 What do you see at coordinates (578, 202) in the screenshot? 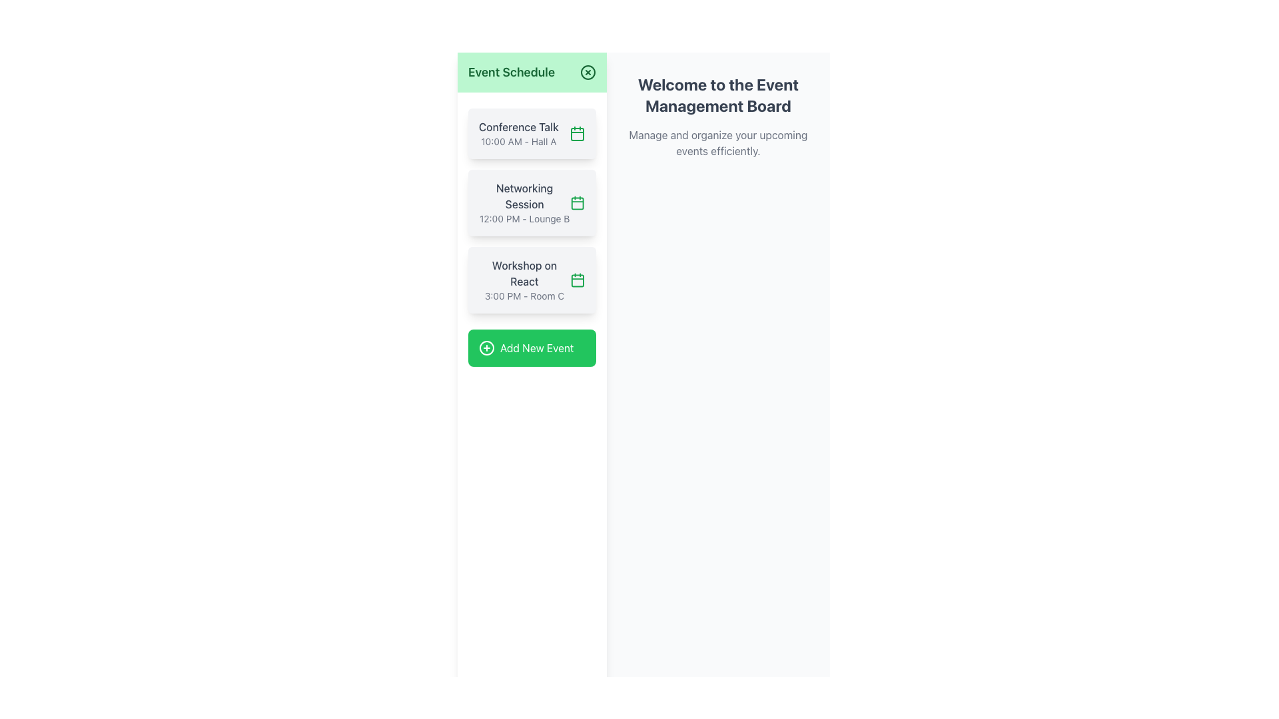
I see `the calendar icon located in the second item of the schedule listing for 'Networking Session 12:00 PM - Lounge B'` at bounding box center [578, 202].